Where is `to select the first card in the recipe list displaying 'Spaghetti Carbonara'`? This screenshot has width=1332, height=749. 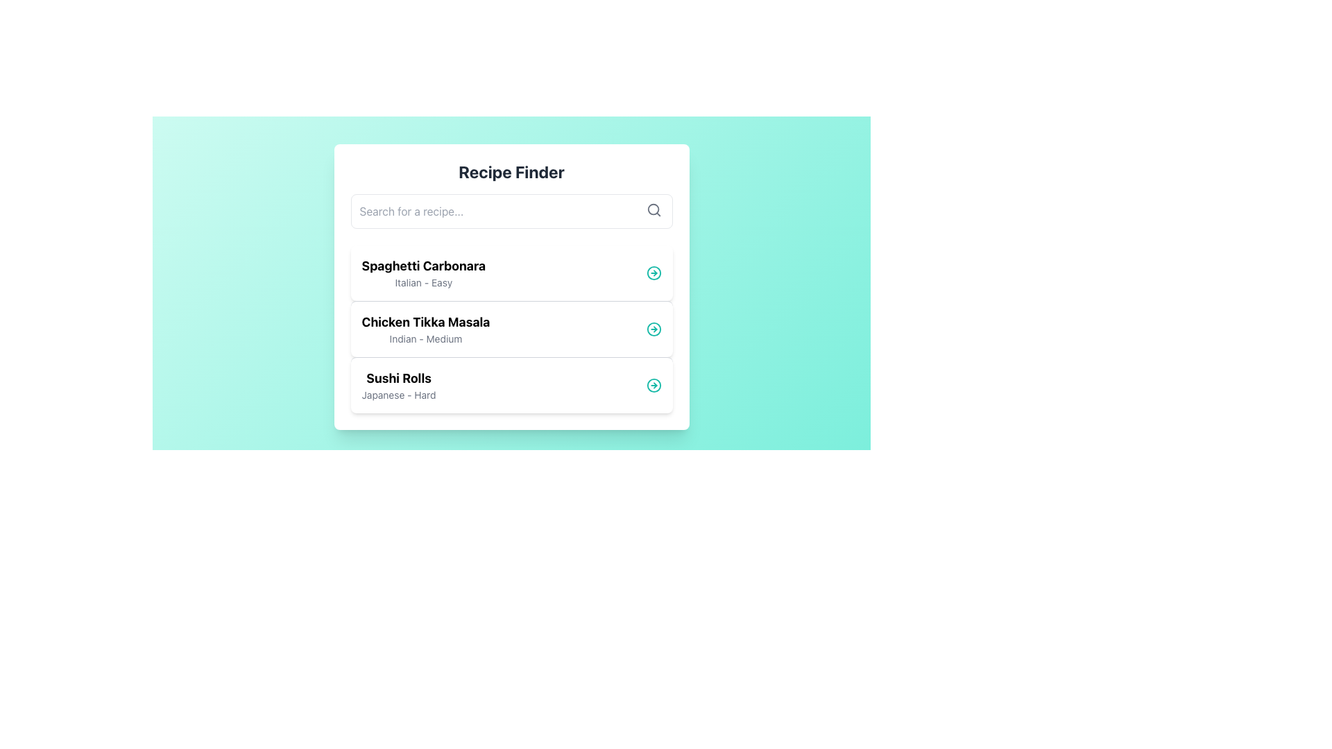 to select the first card in the recipe list displaying 'Spaghetti Carbonara' is located at coordinates (511, 273).